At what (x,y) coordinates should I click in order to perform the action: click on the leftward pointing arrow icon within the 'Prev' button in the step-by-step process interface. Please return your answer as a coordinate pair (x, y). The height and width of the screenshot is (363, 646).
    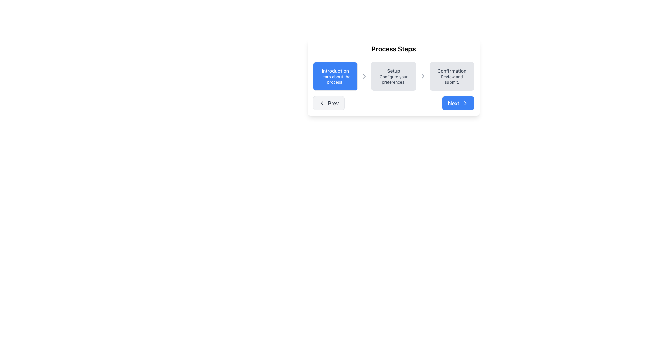
    Looking at the image, I should click on (321, 103).